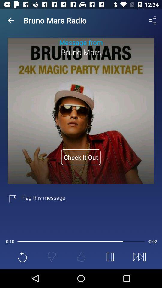 The height and width of the screenshot is (288, 162). I want to click on the thumbs_down icon, so click(52, 256).